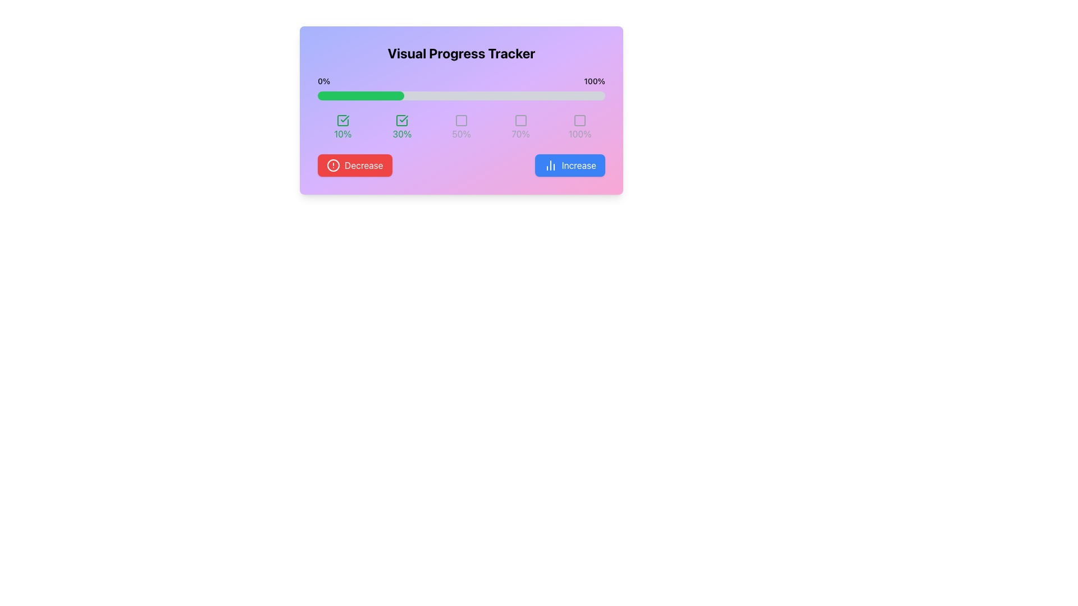  Describe the element at coordinates (461, 127) in the screenshot. I see `the third progress item in the Visual Progress Tracker, which represents 50% completion, to interact with it` at that location.